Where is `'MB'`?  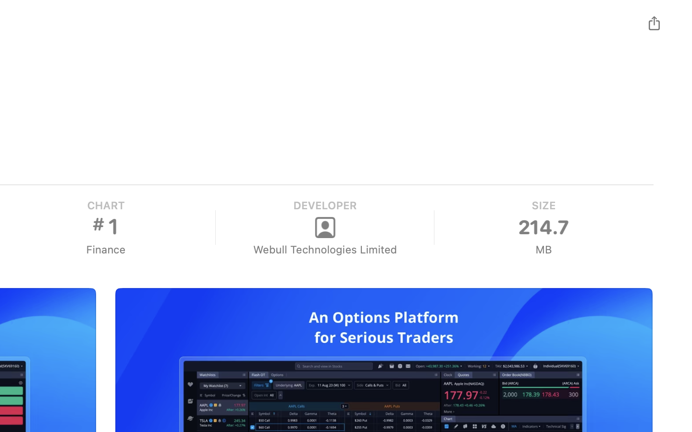
'MB' is located at coordinates (543, 249).